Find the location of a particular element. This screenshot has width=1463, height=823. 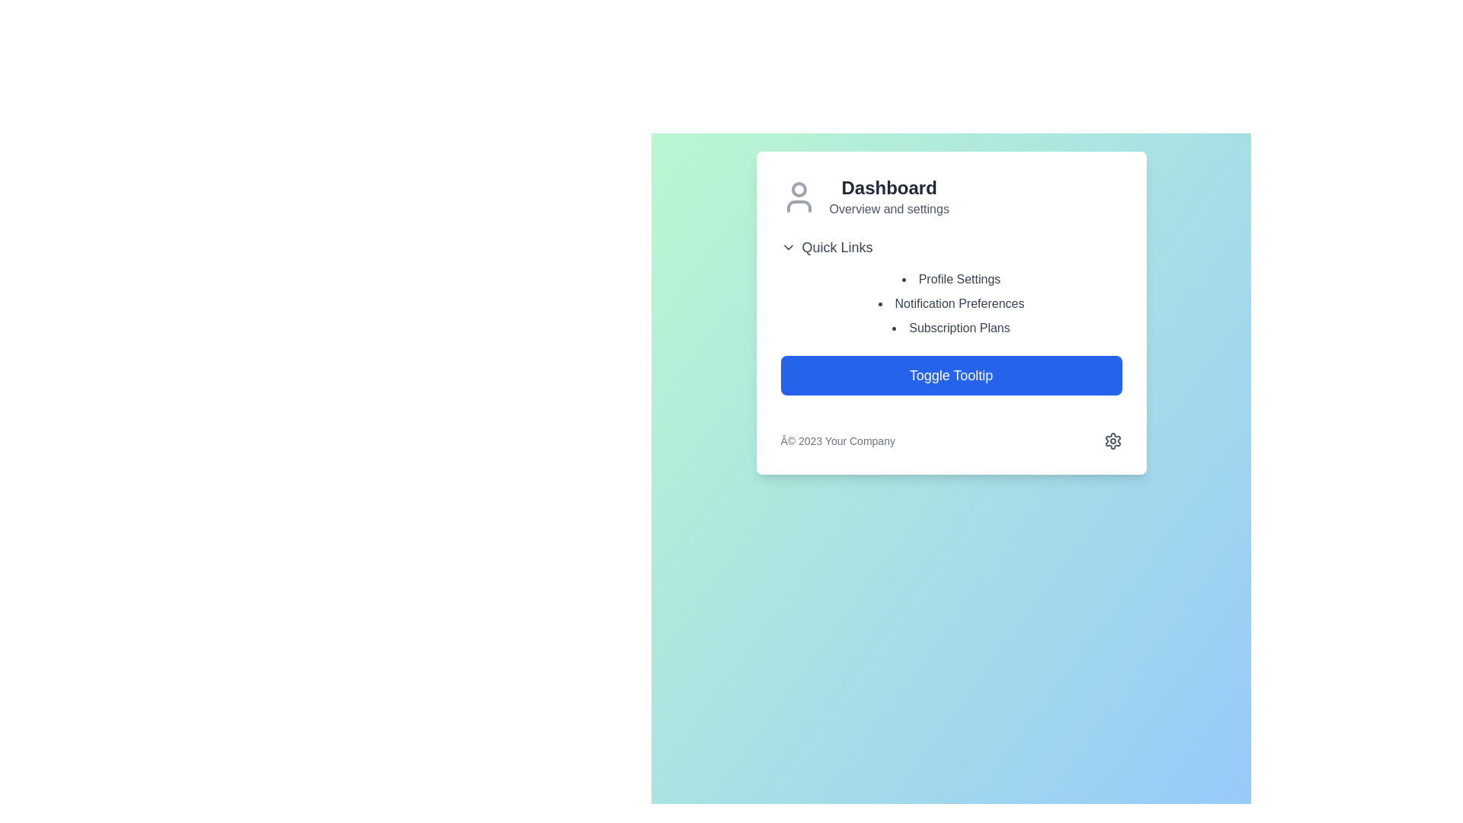

the static Text label (header) indicating the current section, which is located at the top of the panel above 'Overview and settings' is located at coordinates (889, 187).